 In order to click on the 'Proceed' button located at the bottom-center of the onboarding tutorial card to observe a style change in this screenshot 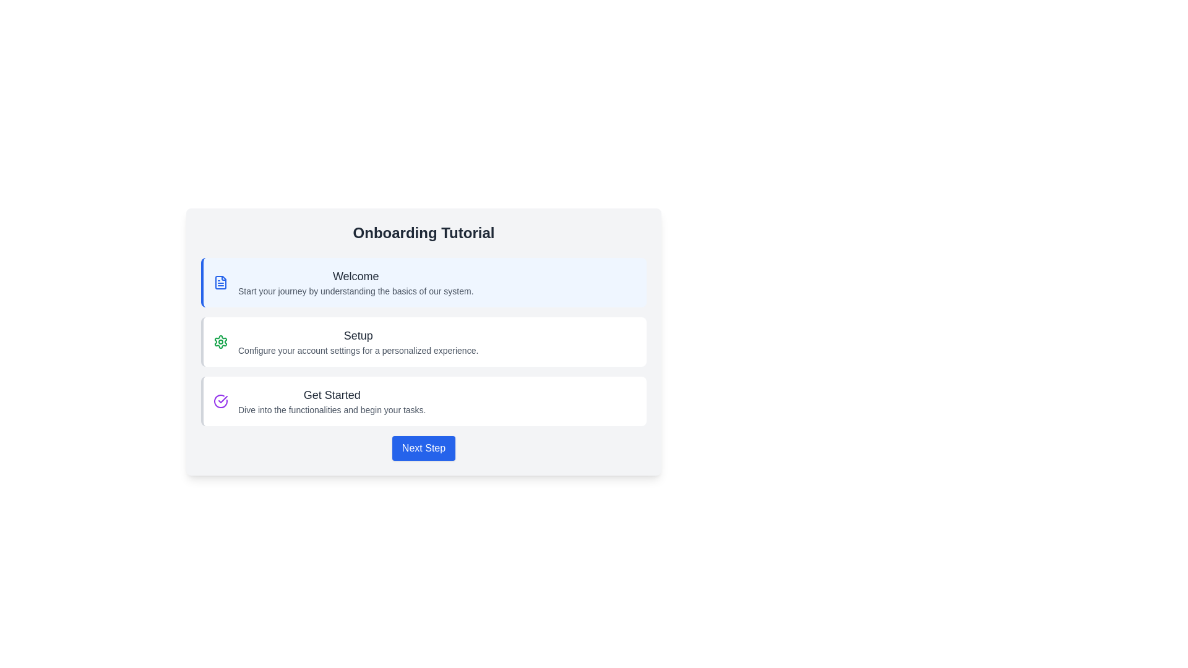, I will do `click(424, 448)`.